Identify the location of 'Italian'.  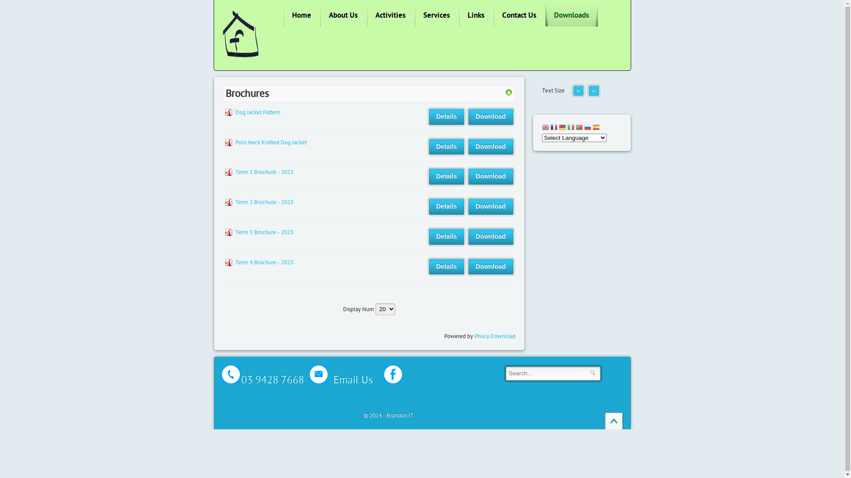
(567, 128).